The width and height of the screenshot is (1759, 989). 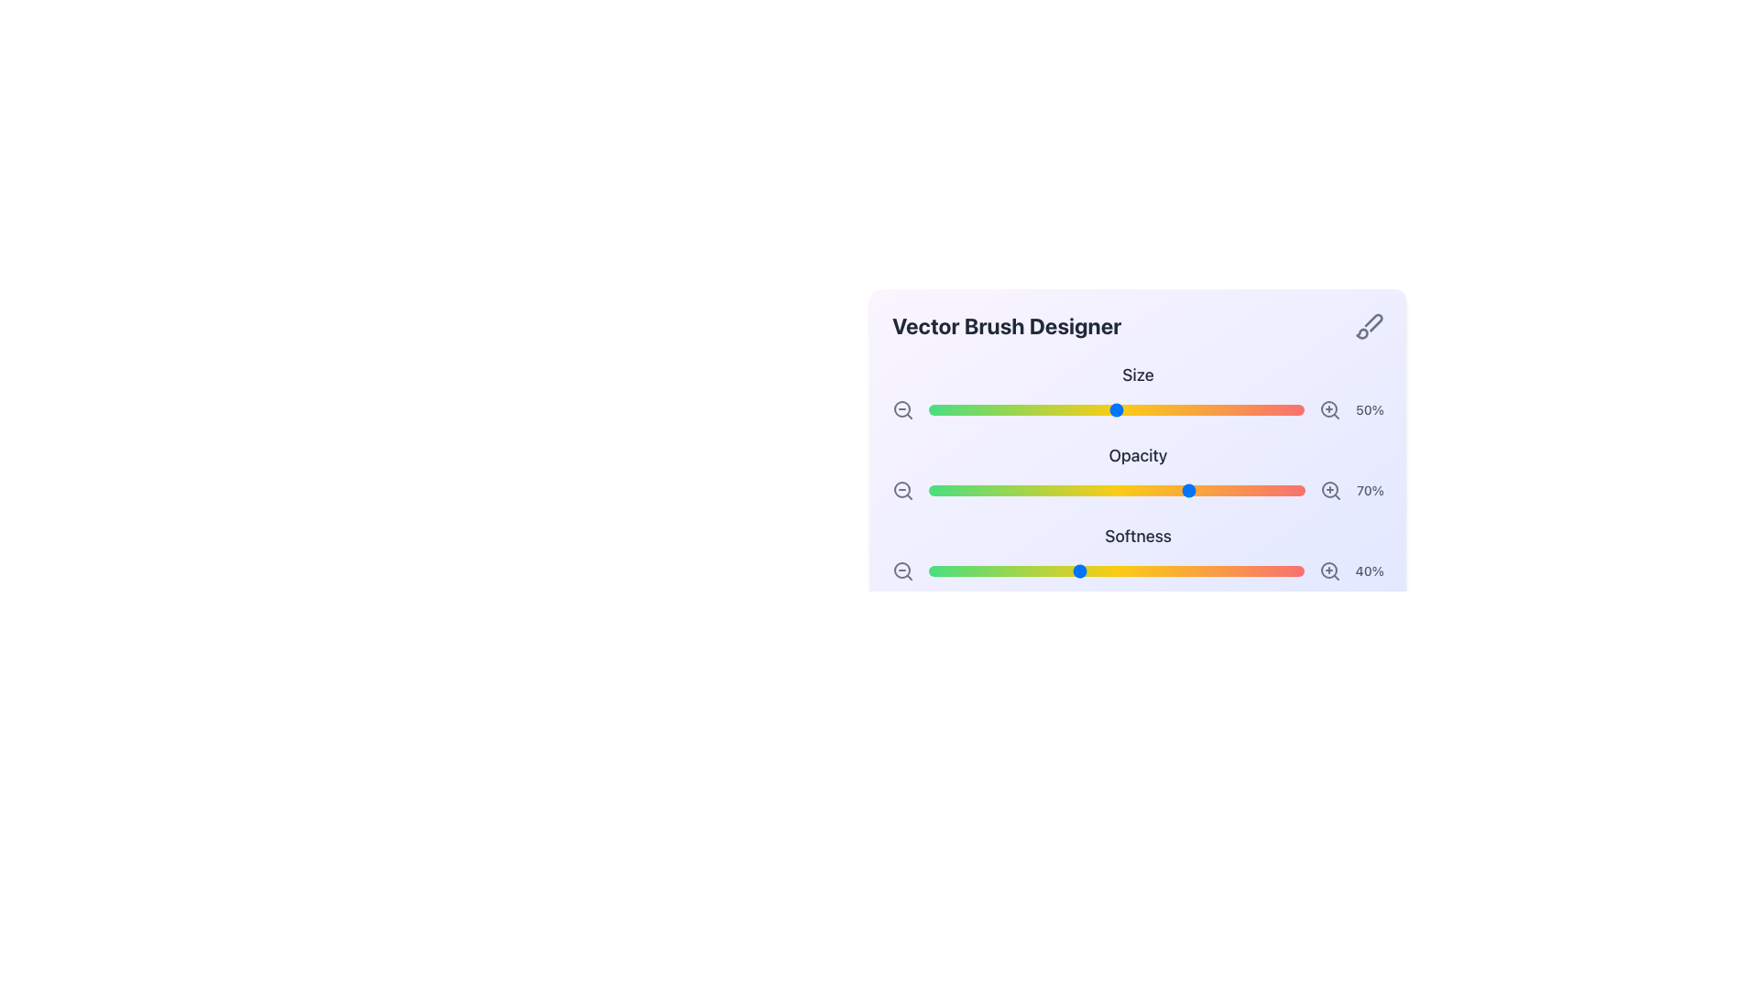 What do you see at coordinates (1244, 408) in the screenshot?
I see `the size` at bounding box center [1244, 408].